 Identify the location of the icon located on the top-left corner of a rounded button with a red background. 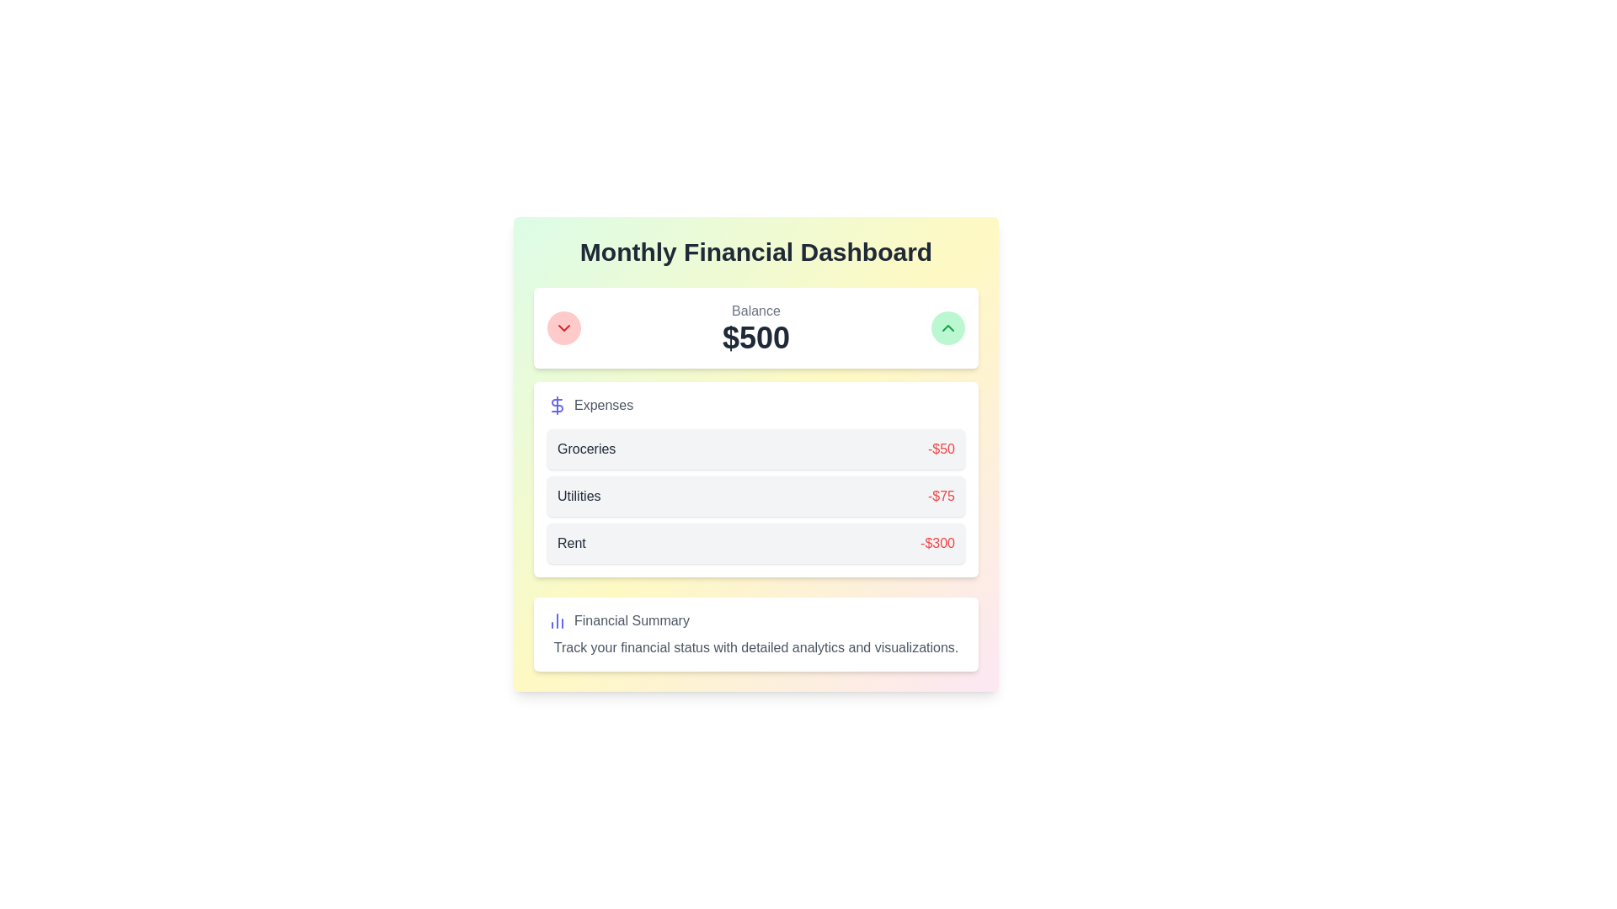
(564, 327).